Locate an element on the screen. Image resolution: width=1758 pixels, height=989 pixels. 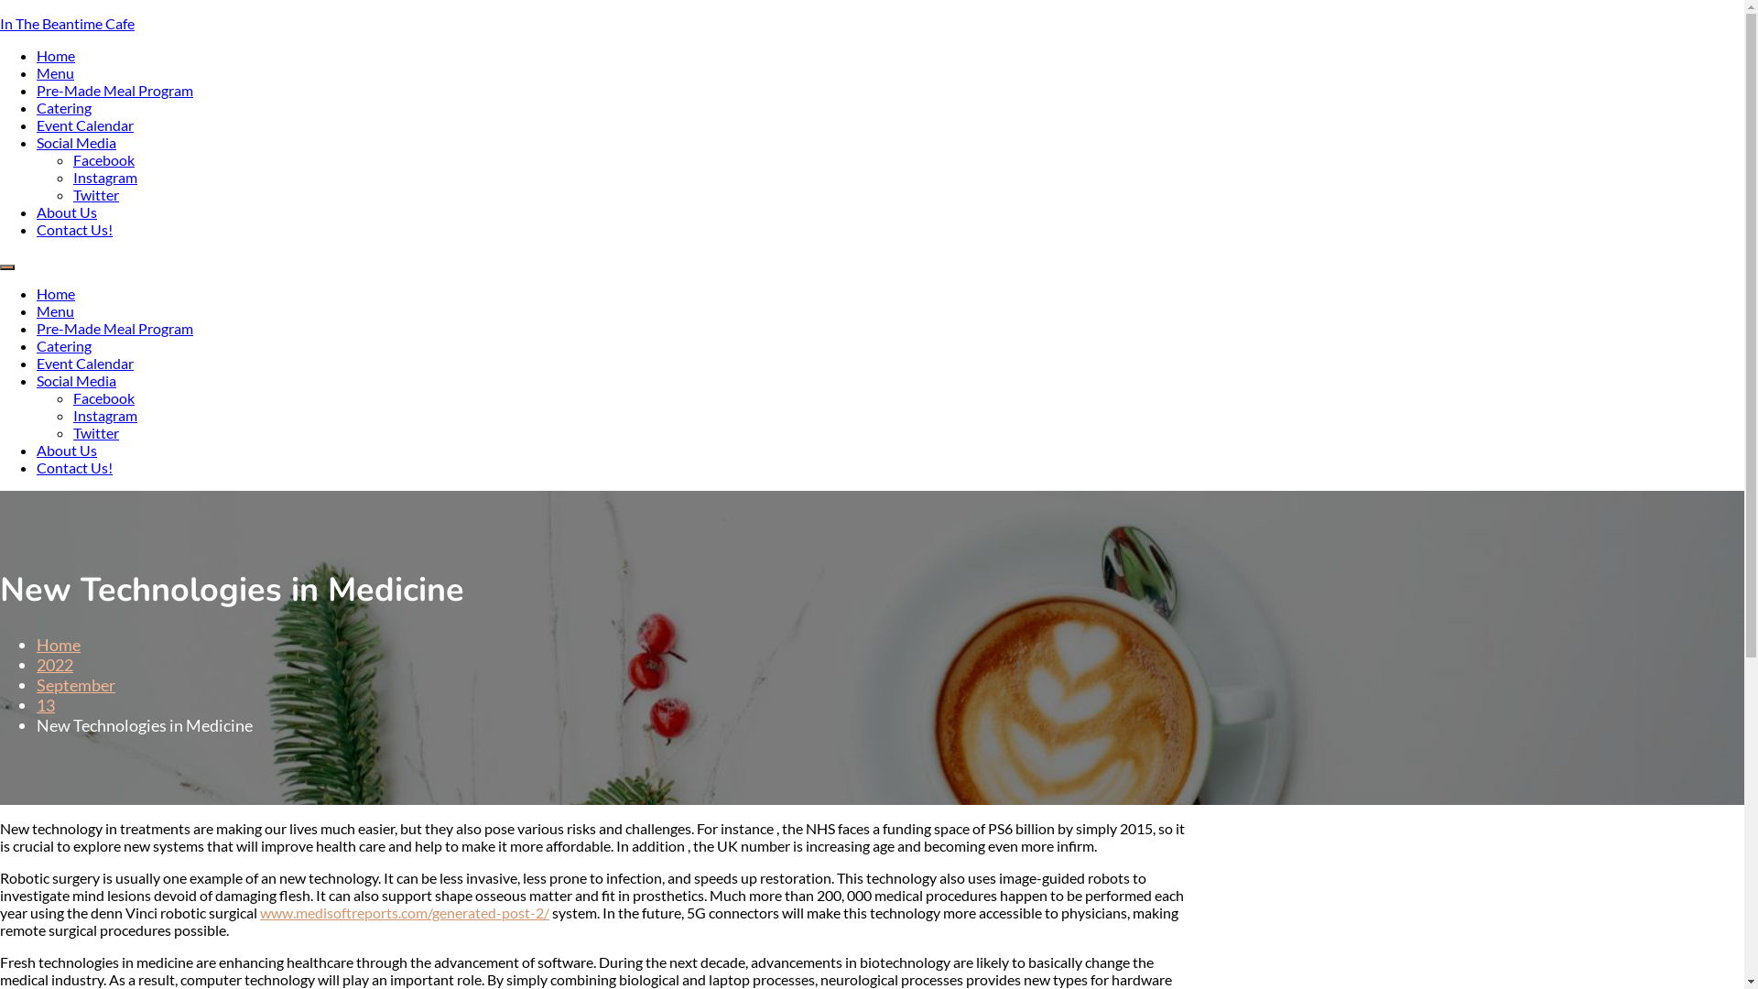
'Catering' is located at coordinates (64, 107).